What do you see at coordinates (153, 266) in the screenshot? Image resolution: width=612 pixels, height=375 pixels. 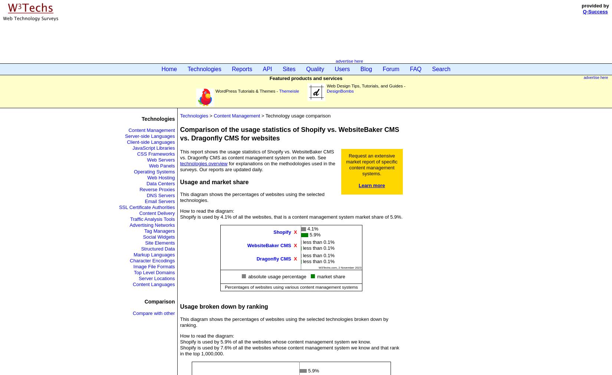 I see `'Image File Formats'` at bounding box center [153, 266].